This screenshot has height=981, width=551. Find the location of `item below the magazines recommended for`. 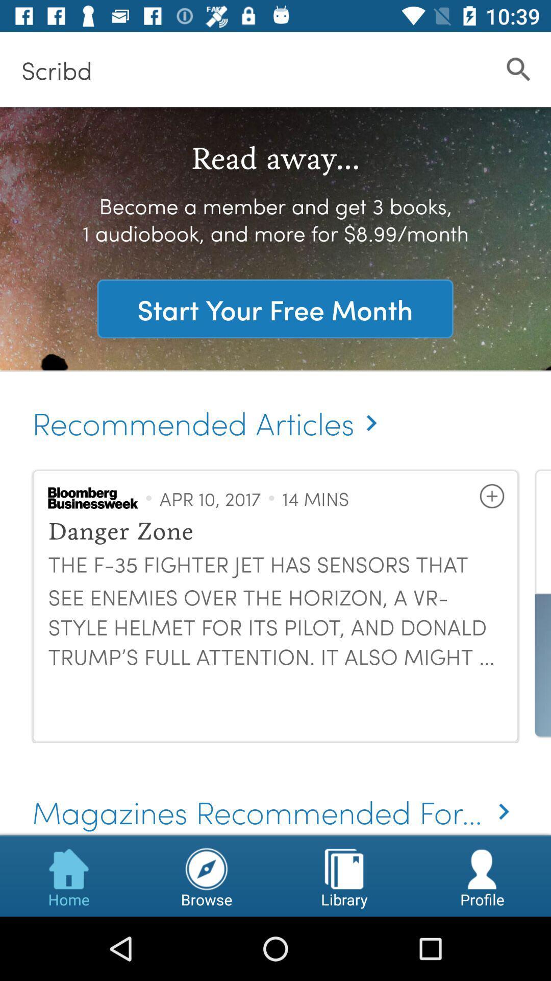

item below the magazines recommended for is located at coordinates (69, 876).